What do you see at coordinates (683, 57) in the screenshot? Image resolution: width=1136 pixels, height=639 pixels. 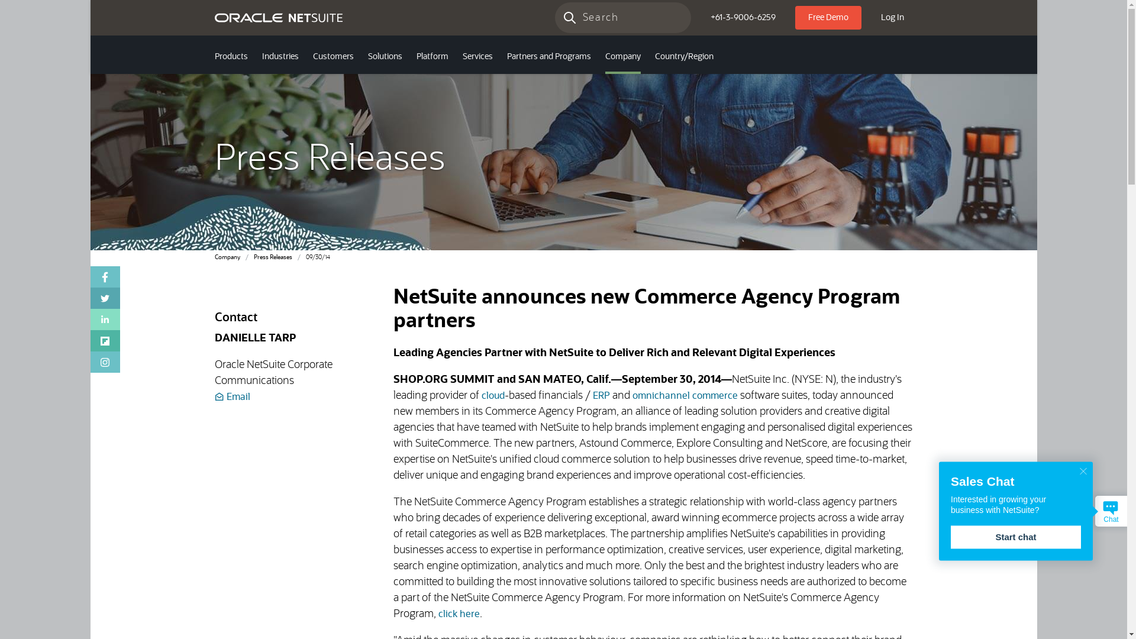 I see `'Country/Region'` at bounding box center [683, 57].